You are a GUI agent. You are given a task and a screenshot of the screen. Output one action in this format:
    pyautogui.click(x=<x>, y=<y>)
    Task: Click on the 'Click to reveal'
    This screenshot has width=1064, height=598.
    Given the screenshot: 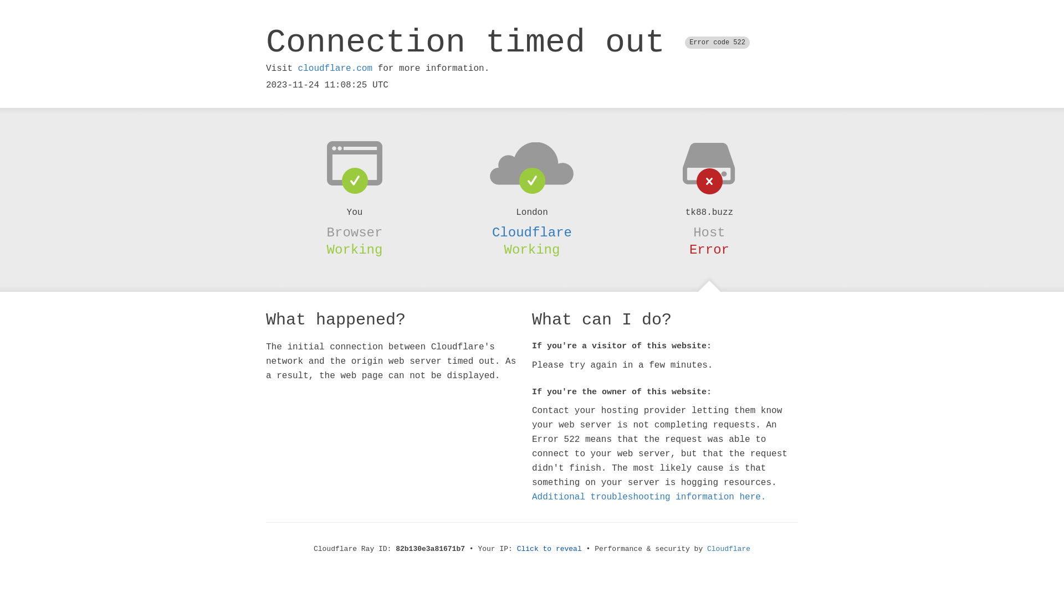 What is the action you would take?
    pyautogui.click(x=549, y=549)
    